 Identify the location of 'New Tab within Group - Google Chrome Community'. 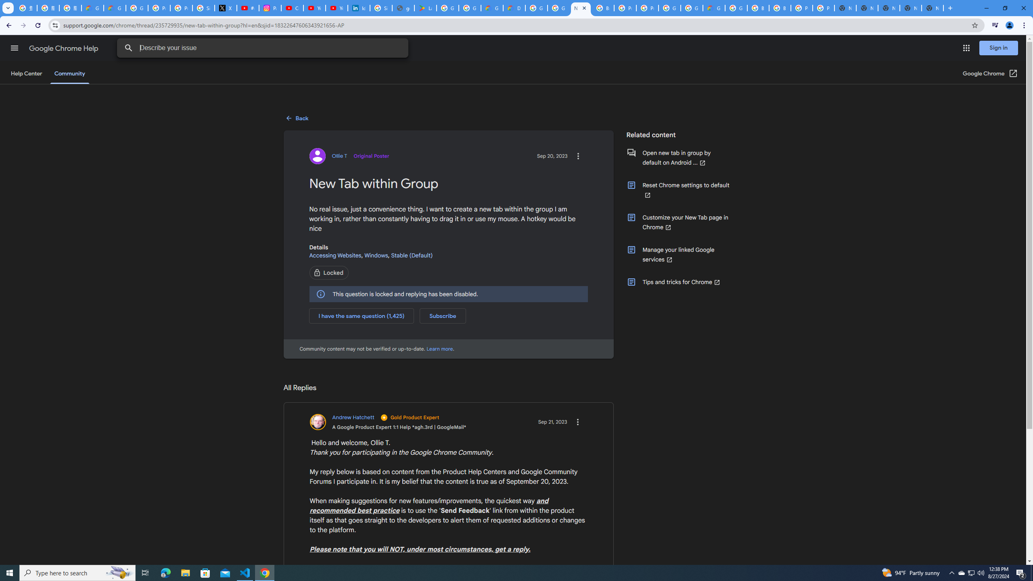
(581, 8).